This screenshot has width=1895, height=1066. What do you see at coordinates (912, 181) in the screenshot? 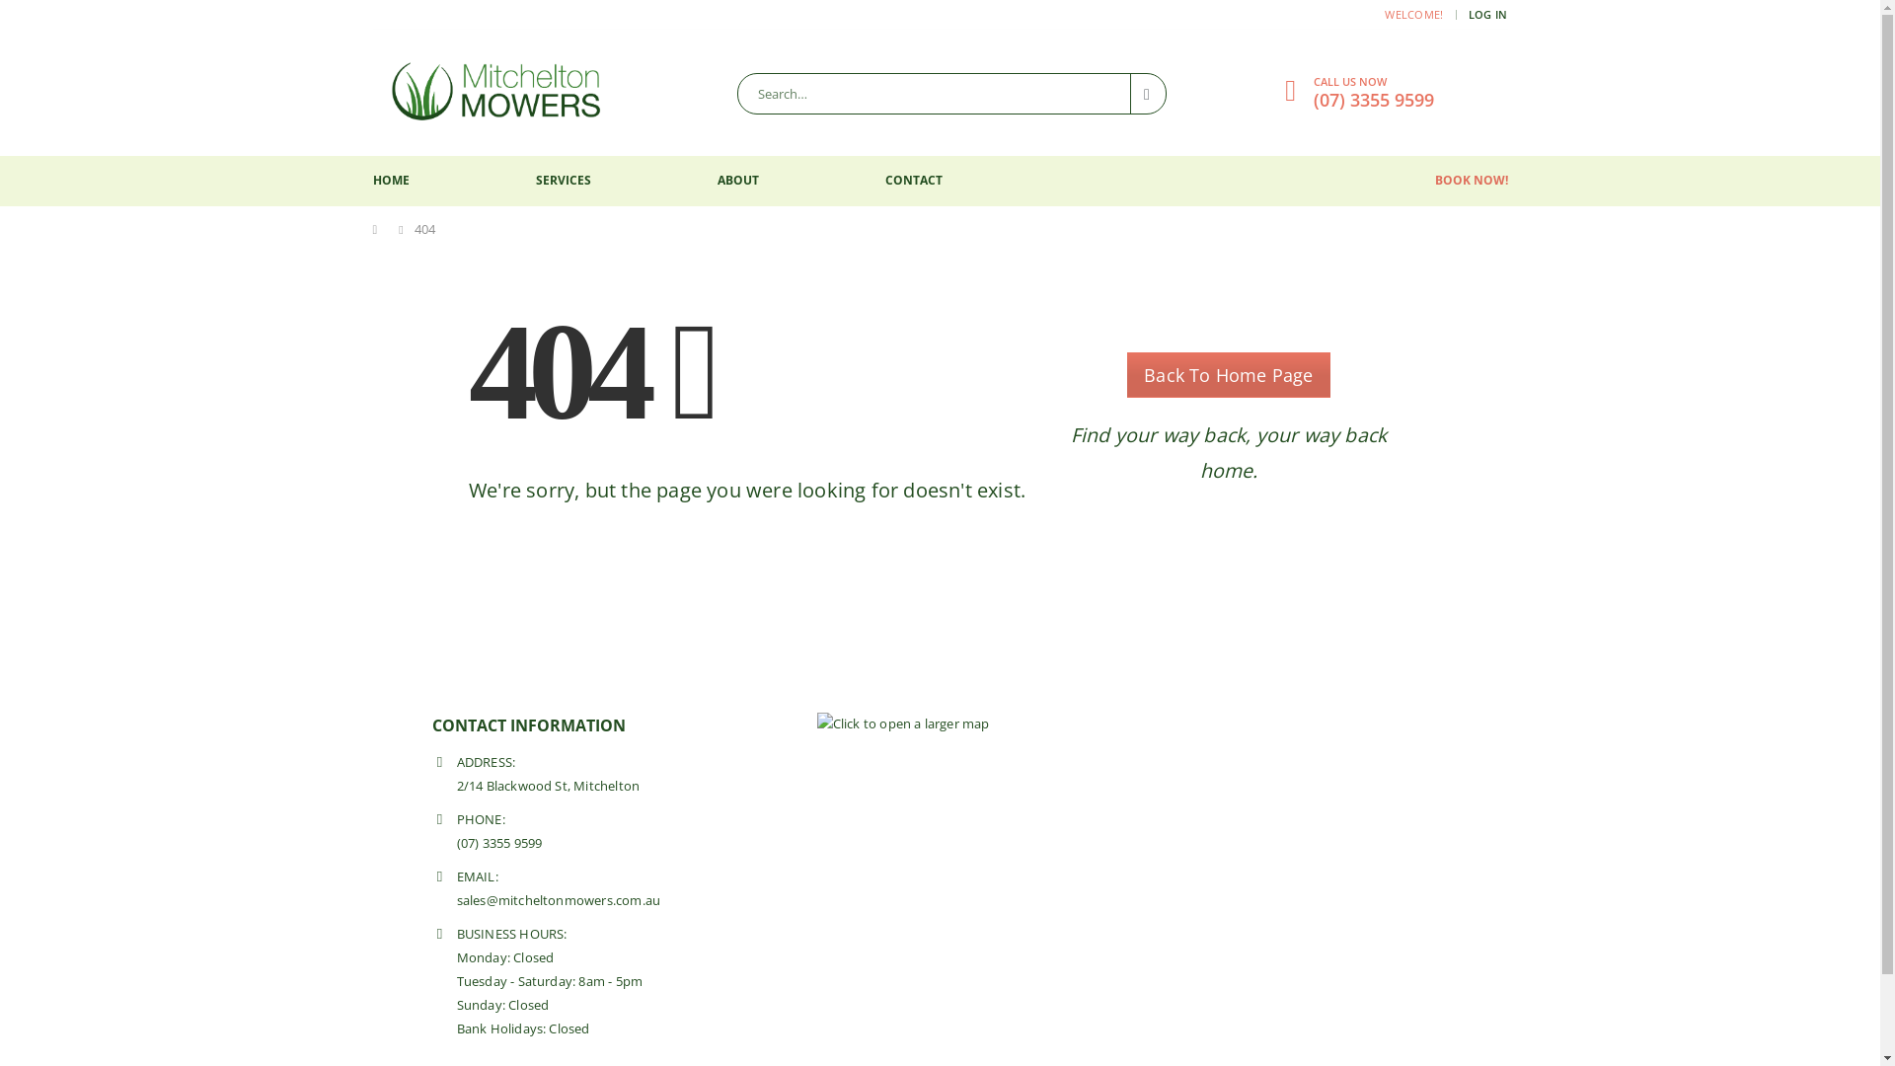
I see `'CONTACT'` at bounding box center [912, 181].